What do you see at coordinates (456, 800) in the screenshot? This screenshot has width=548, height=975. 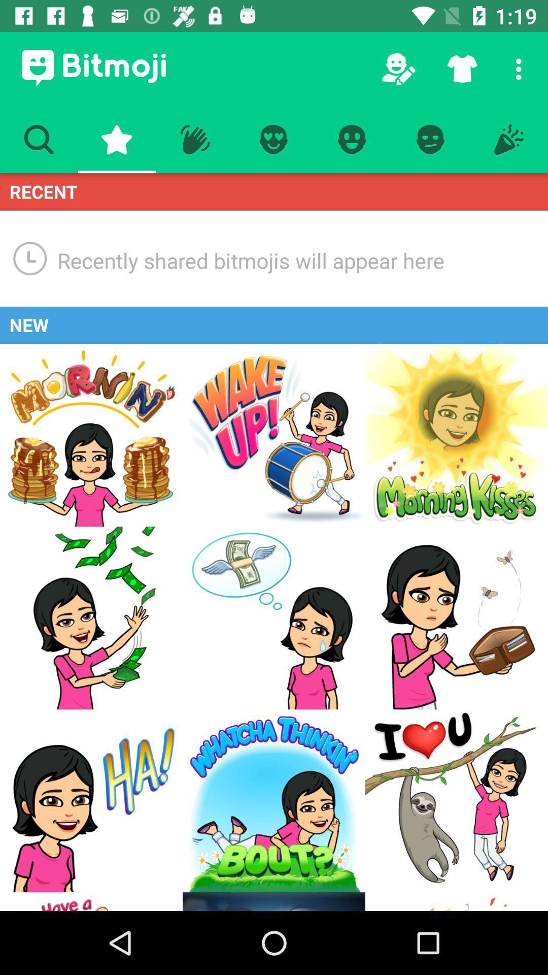 I see `a new option` at bounding box center [456, 800].